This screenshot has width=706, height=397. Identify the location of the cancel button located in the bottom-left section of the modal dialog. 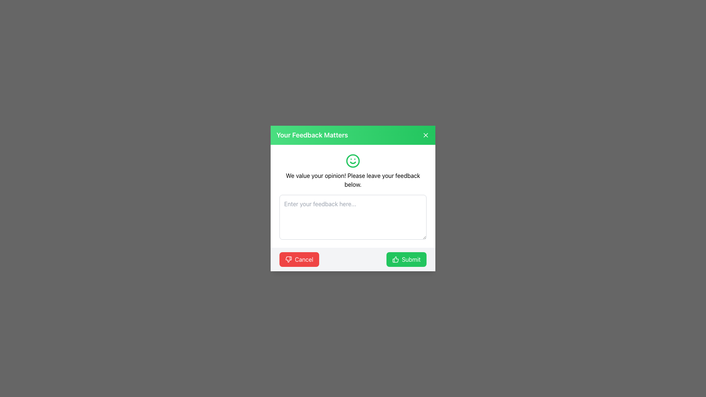
(299, 259).